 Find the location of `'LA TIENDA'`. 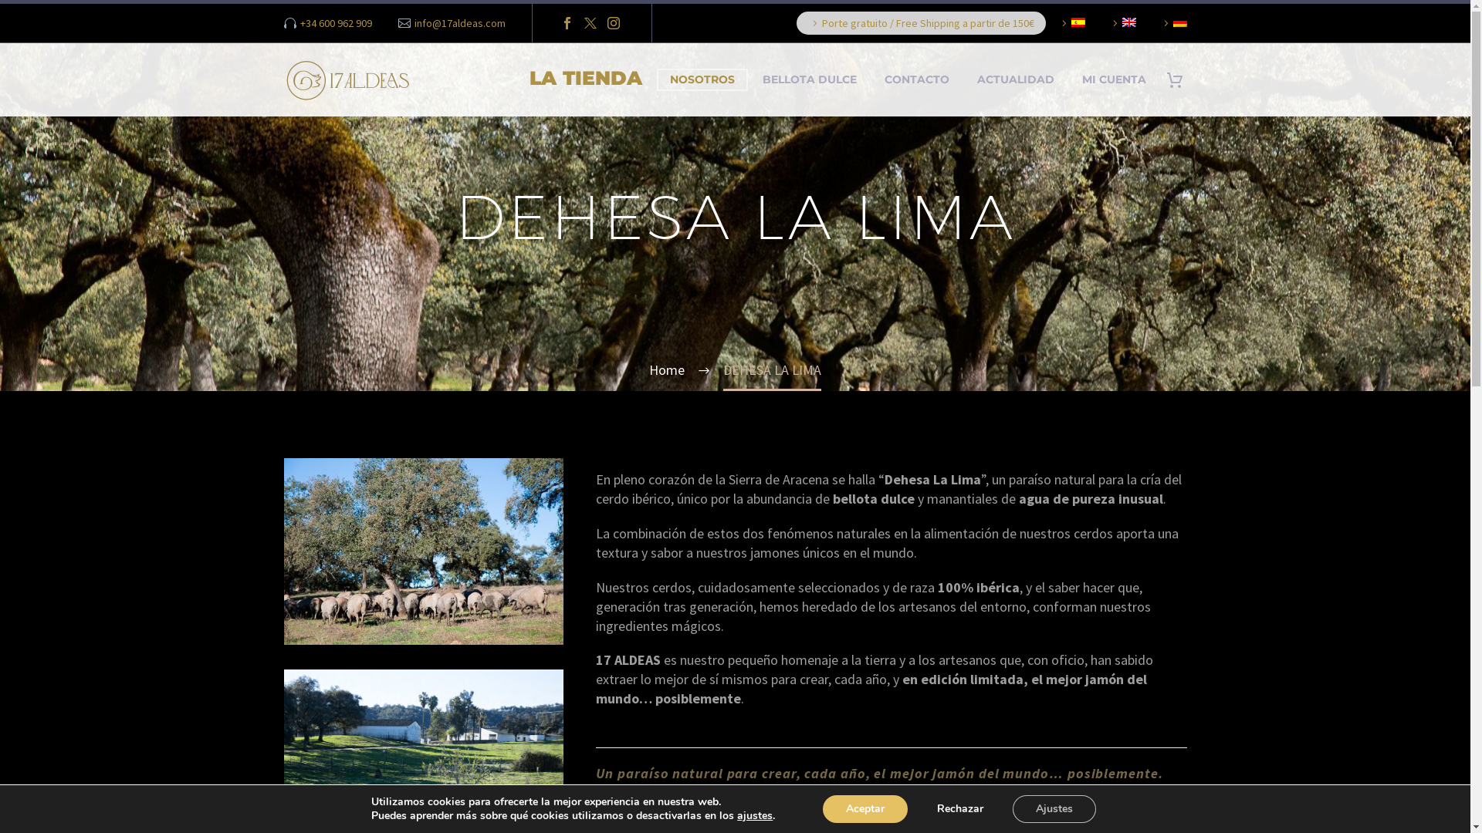

'LA TIENDA' is located at coordinates (584, 79).